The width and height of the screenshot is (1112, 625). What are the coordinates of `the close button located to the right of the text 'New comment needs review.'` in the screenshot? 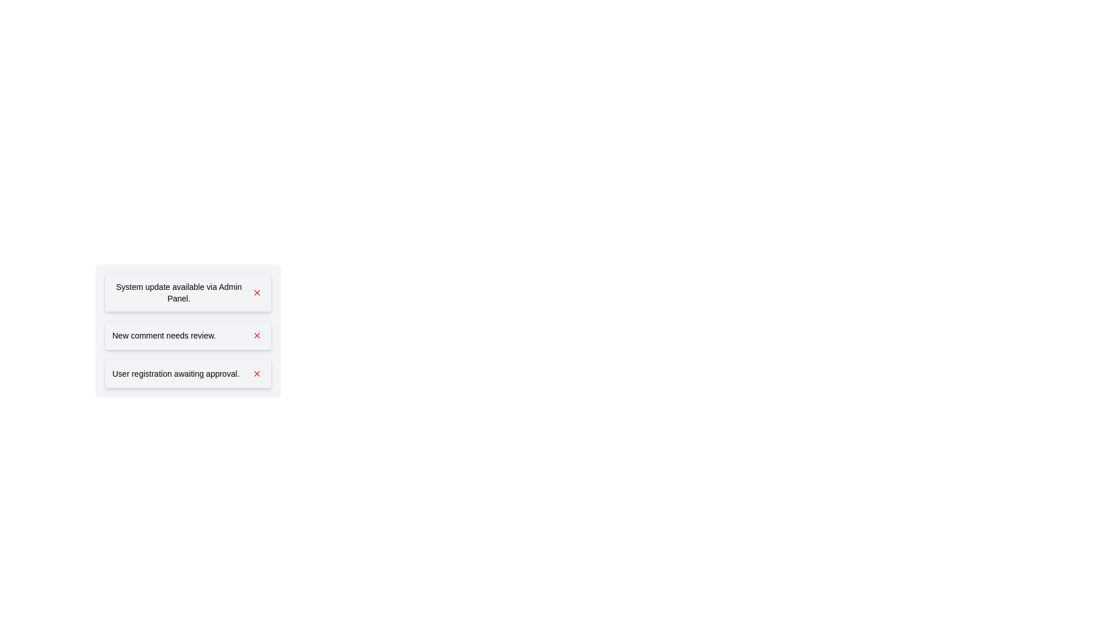 It's located at (257, 335).